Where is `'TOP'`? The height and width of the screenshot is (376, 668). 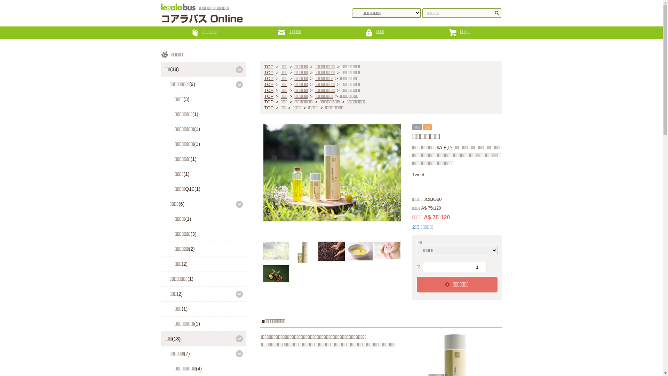 'TOP' is located at coordinates (268, 67).